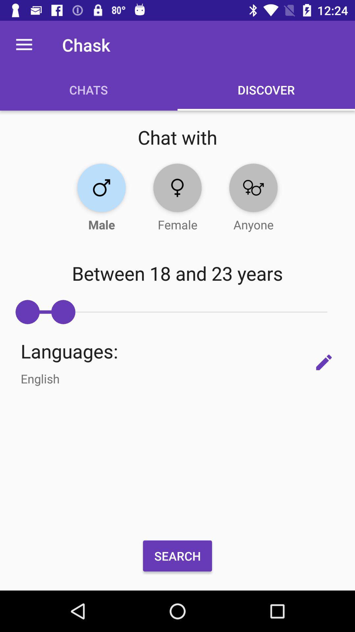 This screenshot has width=355, height=632. Describe the element at coordinates (177, 187) in the screenshot. I see `female` at that location.